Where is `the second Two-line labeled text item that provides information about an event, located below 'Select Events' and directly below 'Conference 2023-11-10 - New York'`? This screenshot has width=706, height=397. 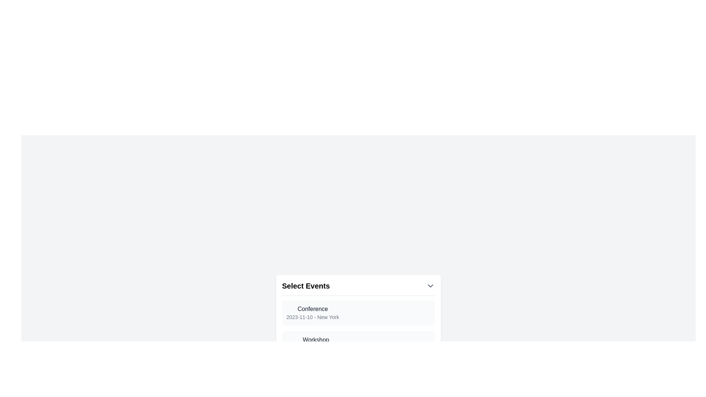
the second Two-line labeled text item that provides information about an event, located below 'Select Events' and directly below 'Conference 2023-11-10 - New York' is located at coordinates (316, 343).